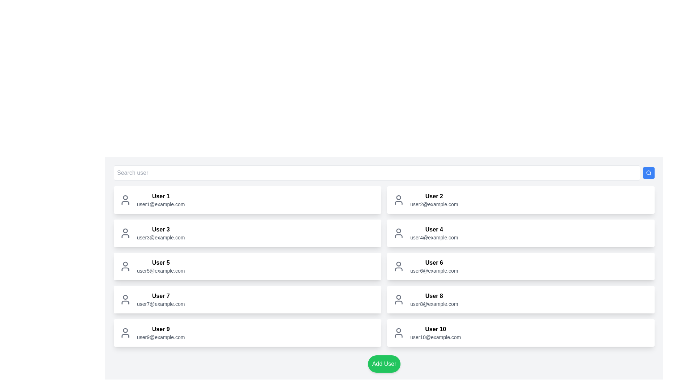 The image size is (694, 390). I want to click on the minimalistic gray user icon that represents the user entry labeled 'User 9 user9@example.com', positioned towards the far left of the box, so click(125, 333).